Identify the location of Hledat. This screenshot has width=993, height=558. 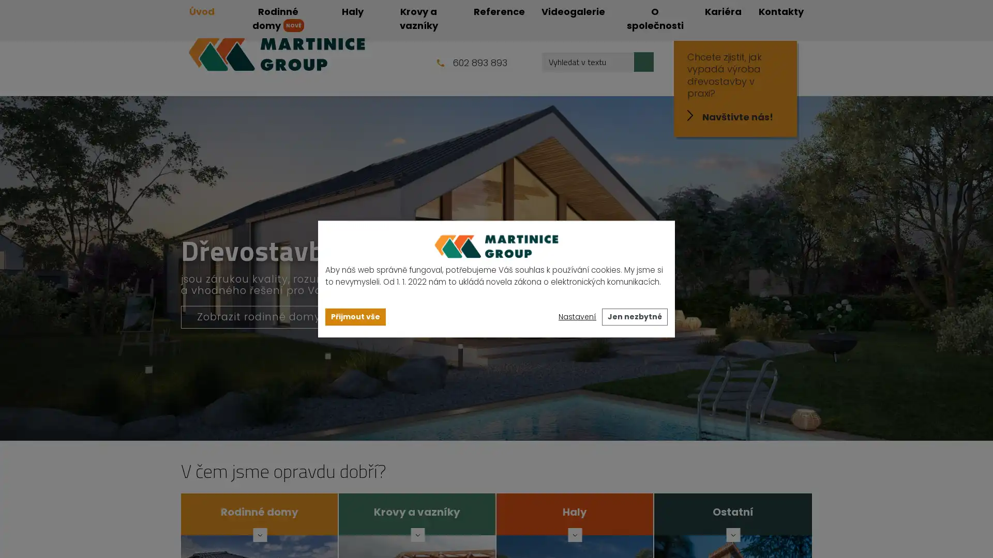
(643, 61).